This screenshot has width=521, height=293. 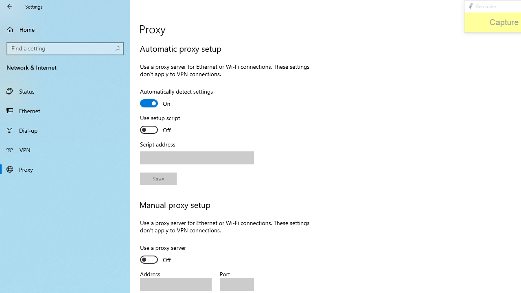 I want to click on 'Home', so click(x=65, y=29).